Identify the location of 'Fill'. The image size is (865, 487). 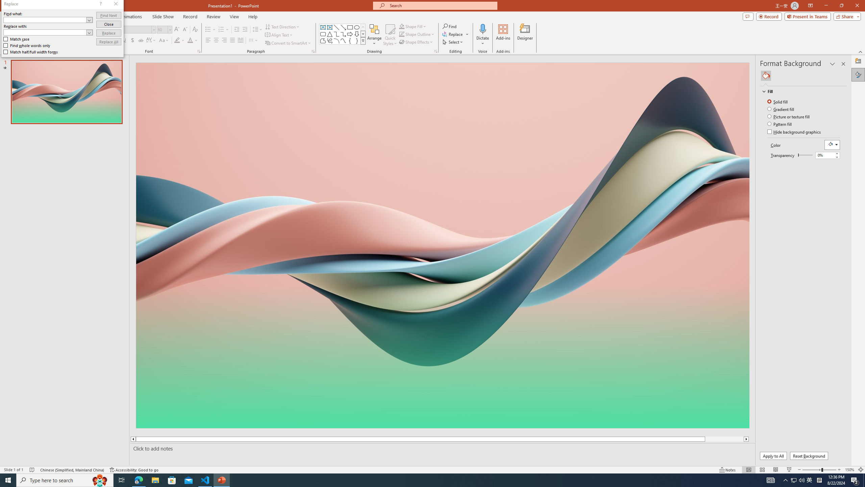
(800, 91).